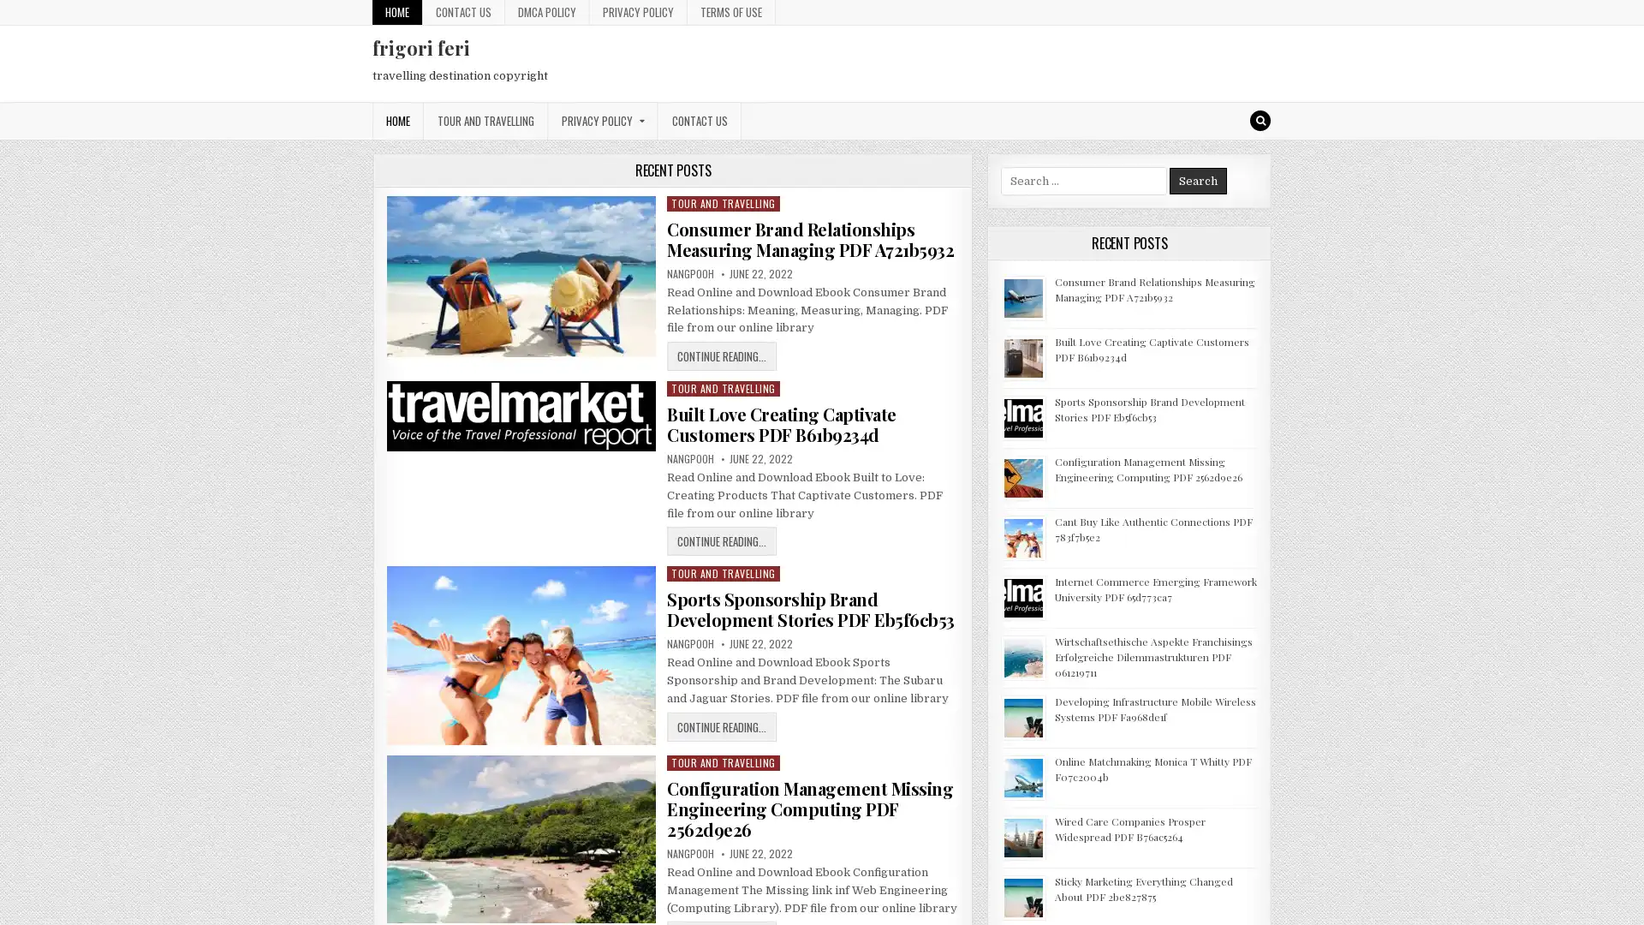 The width and height of the screenshot is (1644, 925). I want to click on Search, so click(1197, 181).